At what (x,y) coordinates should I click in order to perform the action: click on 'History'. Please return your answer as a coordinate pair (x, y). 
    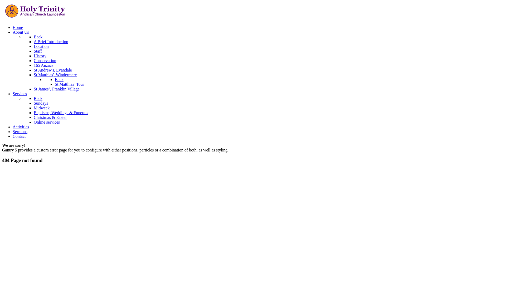
    Looking at the image, I should click on (40, 56).